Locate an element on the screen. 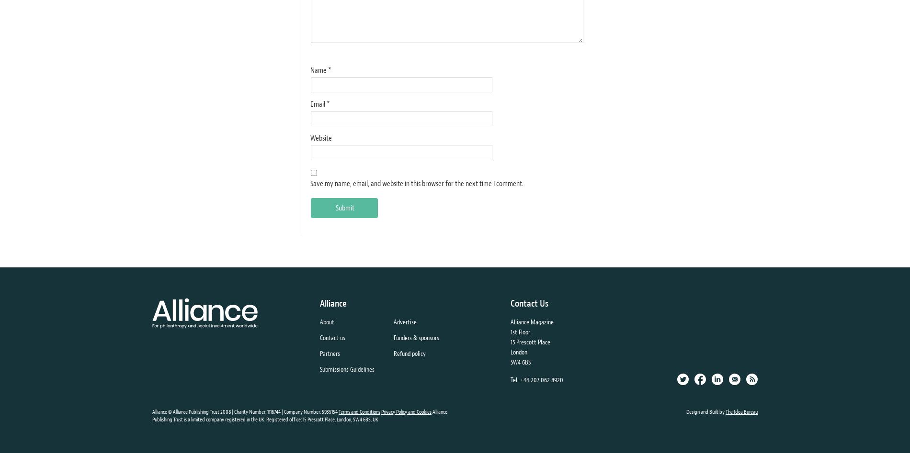 The height and width of the screenshot is (453, 910). 'Name' is located at coordinates (309, 69).